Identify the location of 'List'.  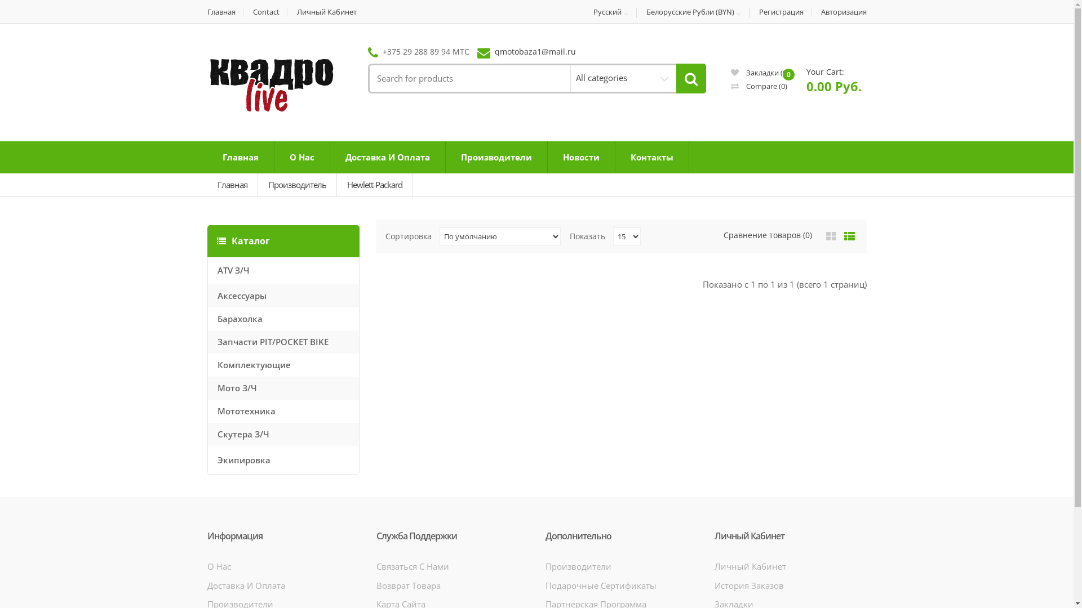
(849, 236).